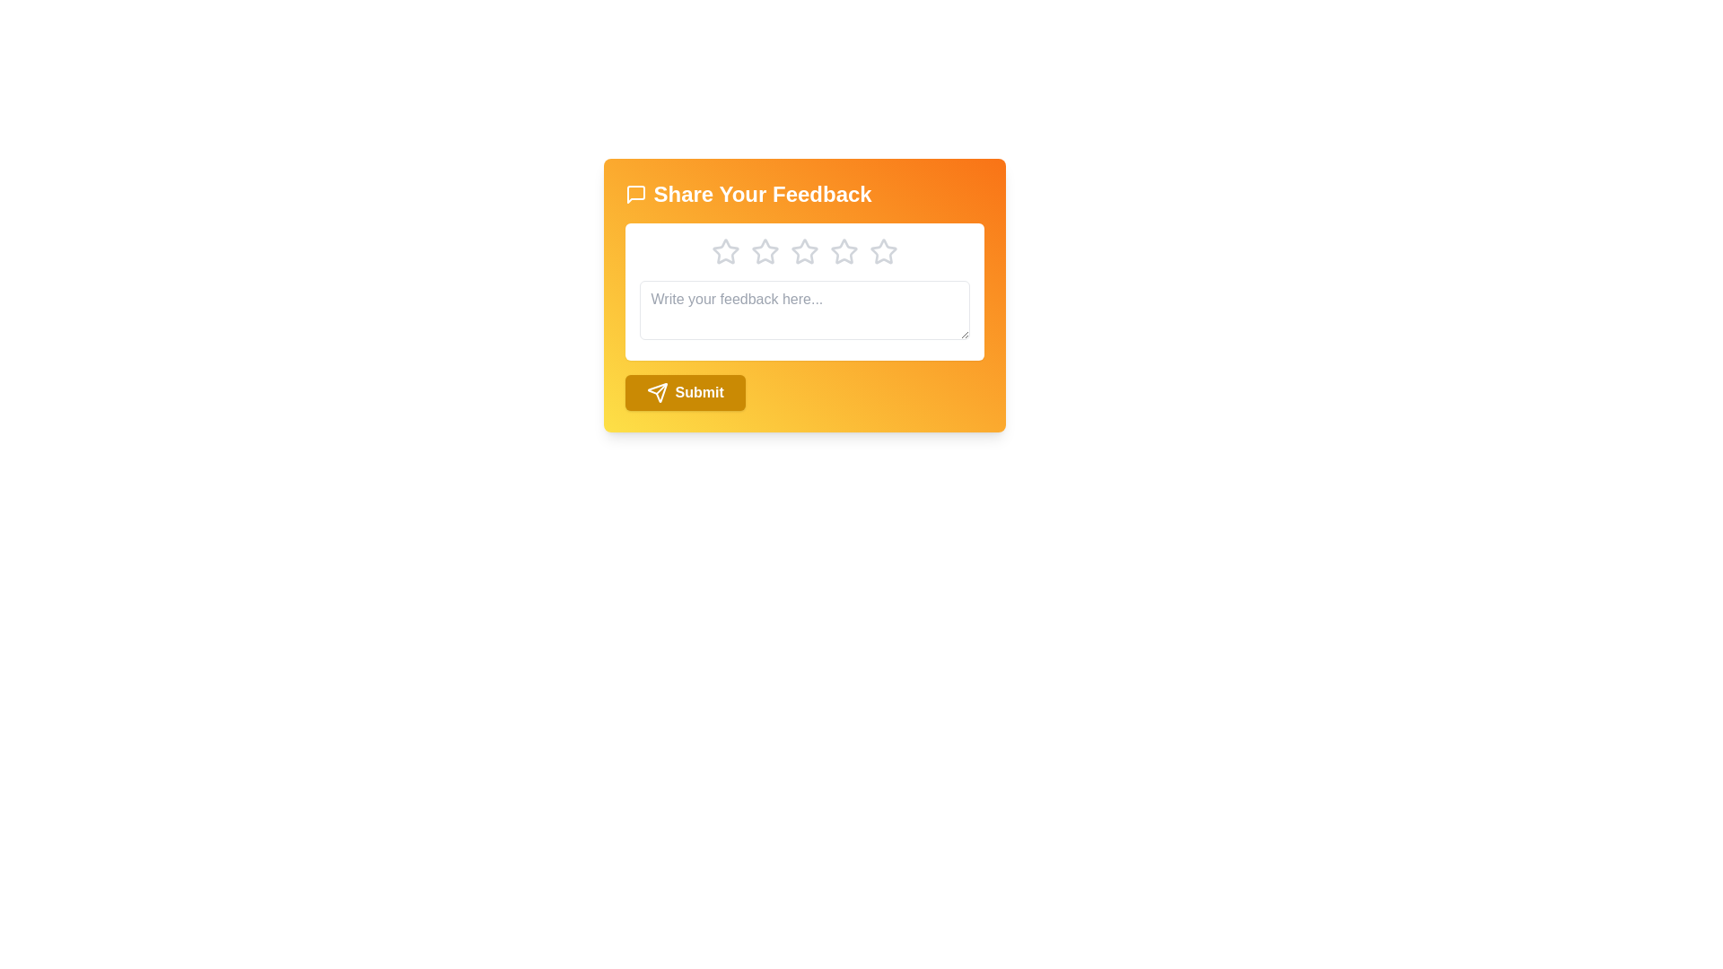 This screenshot has height=969, width=1723. Describe the element at coordinates (803, 252) in the screenshot. I see `the fourth star from the left in the row of six stars below the 'Share Your Feedback' header` at that location.